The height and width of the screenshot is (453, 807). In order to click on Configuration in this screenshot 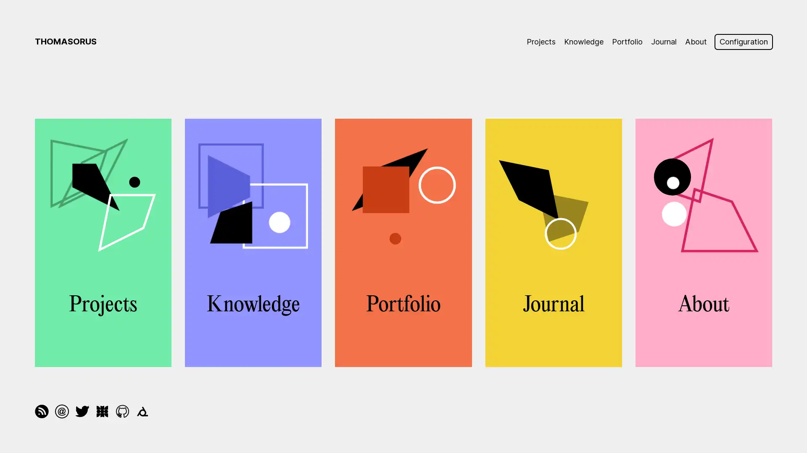, I will do `click(743, 42)`.